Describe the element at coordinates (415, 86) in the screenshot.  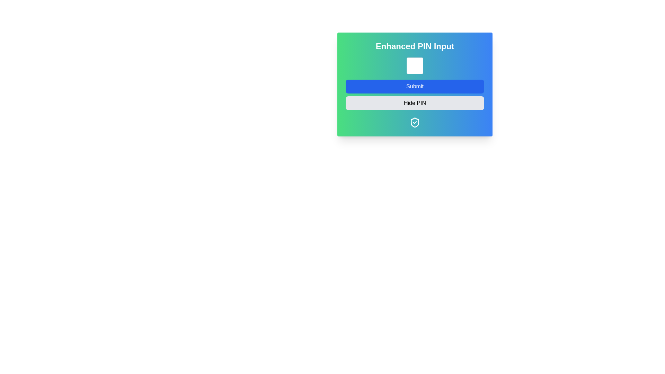
I see `the 'Submit' button, which is a rectangular button with a blue background and rounded corners` at that location.